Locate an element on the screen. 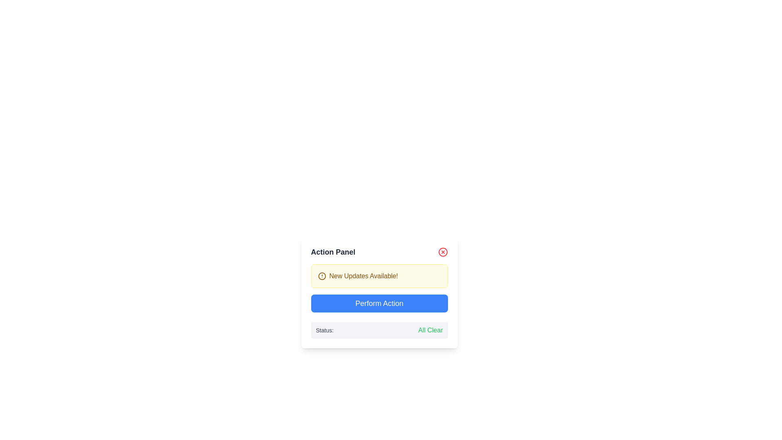  the red circular close button with a white cross in the upper right corner of the 'Action Panel' is located at coordinates (442, 251).